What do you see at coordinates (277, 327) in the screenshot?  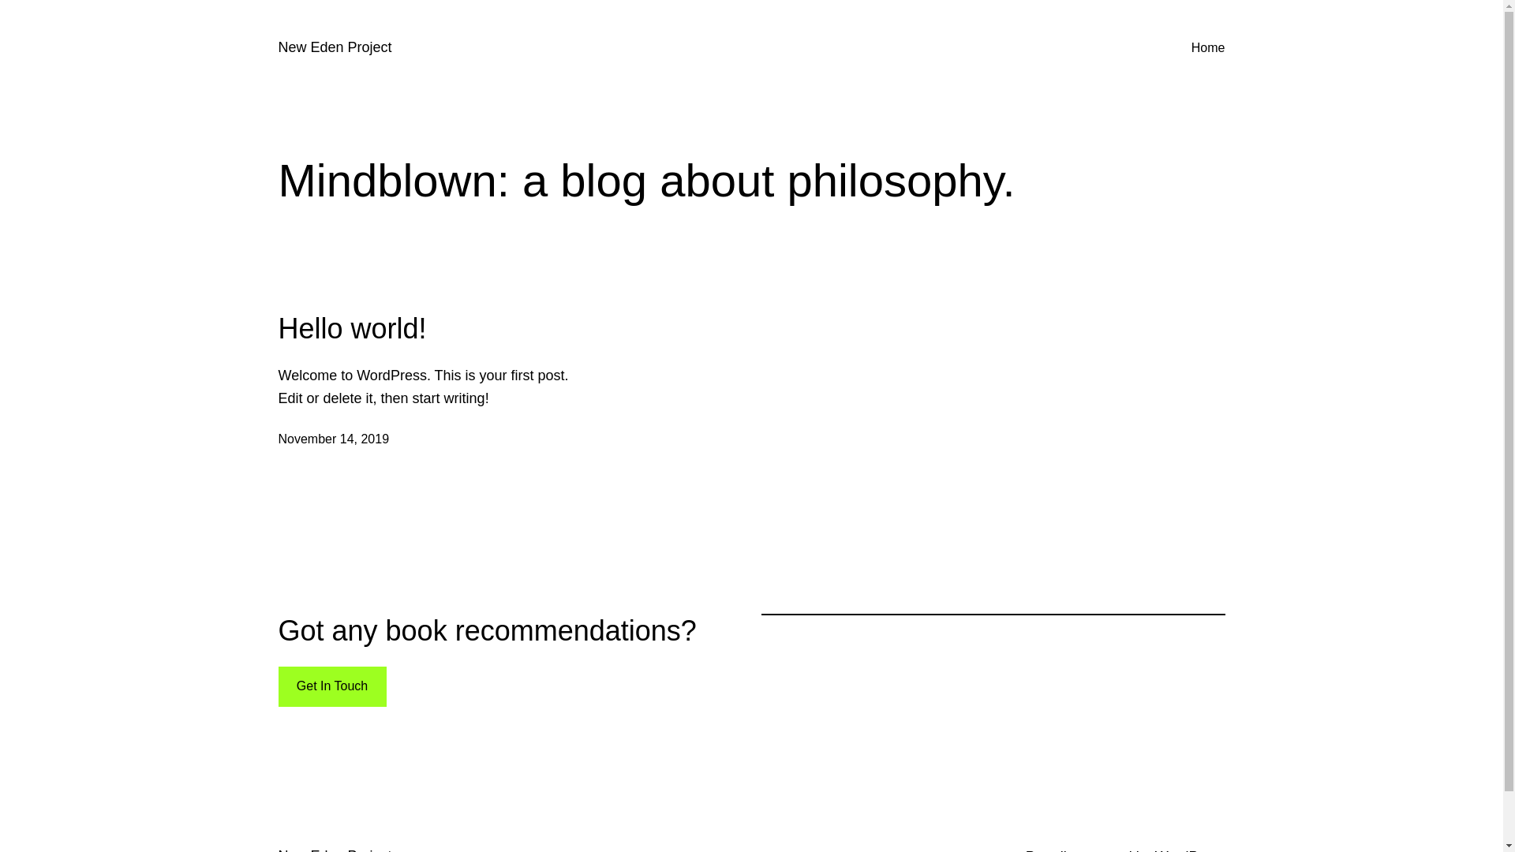 I see `'Hello world!'` at bounding box center [277, 327].